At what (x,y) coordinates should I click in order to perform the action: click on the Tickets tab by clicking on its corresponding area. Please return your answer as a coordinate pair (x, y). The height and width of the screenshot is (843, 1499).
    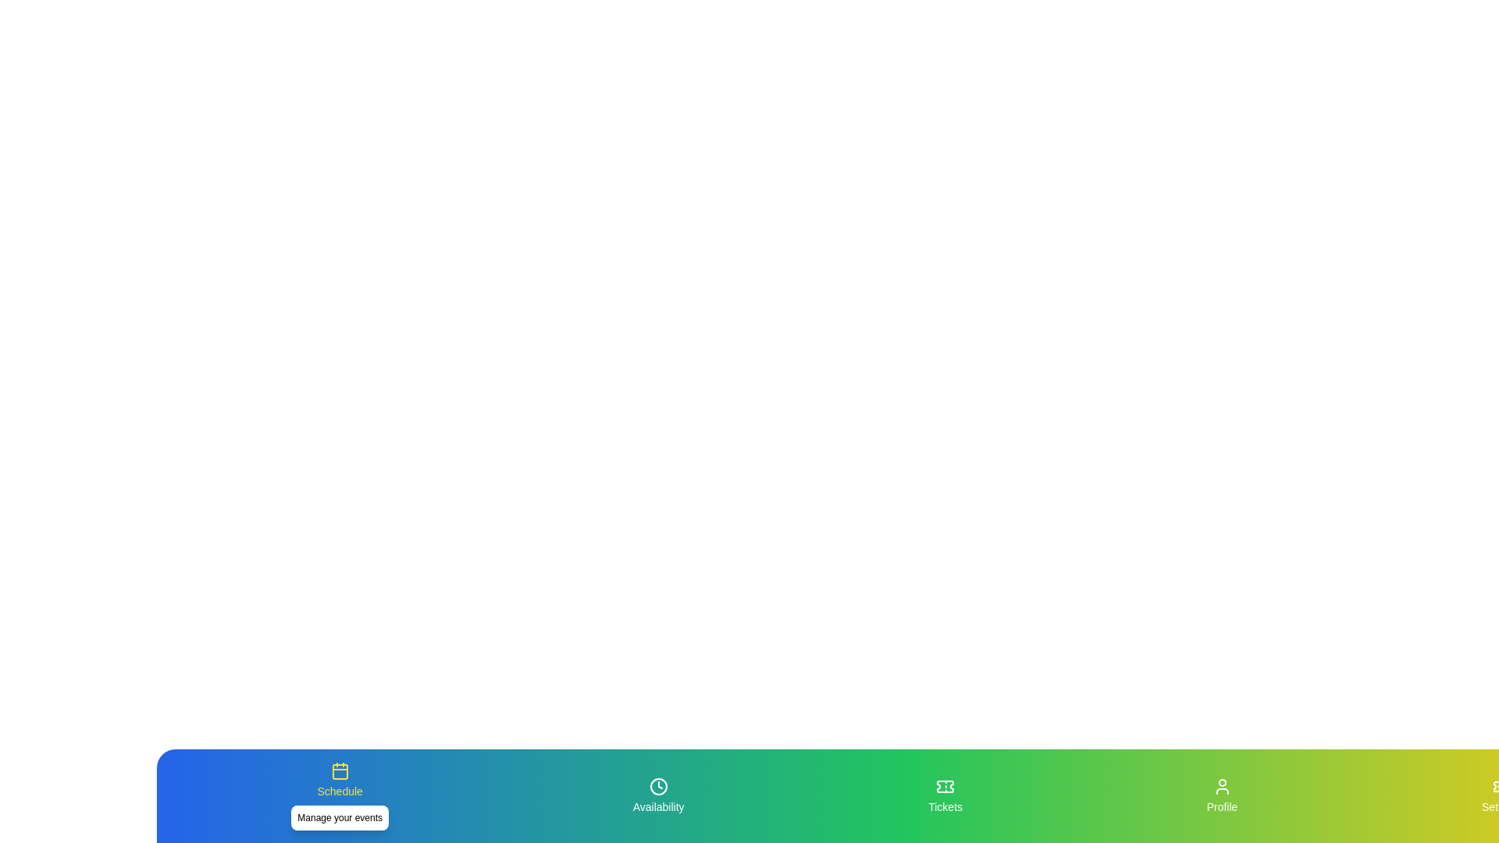
    Looking at the image, I should click on (945, 795).